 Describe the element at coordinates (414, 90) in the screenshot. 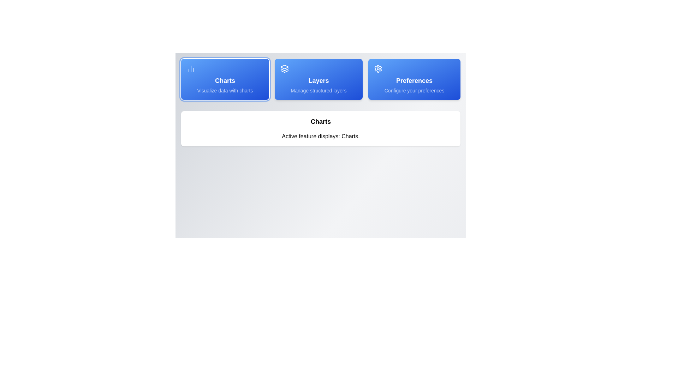

I see `the descriptive subtitle text label located at the bottom section of the 'Preferences' card, which provides additional context about the 'Preferences' option` at that location.